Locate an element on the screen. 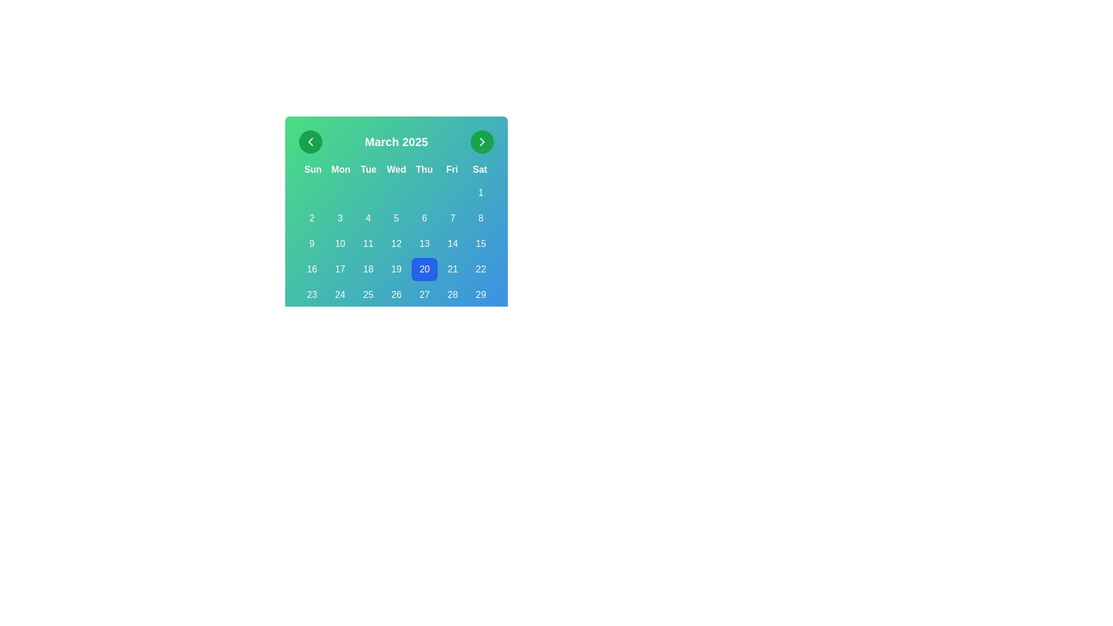 The width and height of the screenshot is (1113, 626). the square button displaying the number '7' in the calendar layout is located at coordinates (452, 219).